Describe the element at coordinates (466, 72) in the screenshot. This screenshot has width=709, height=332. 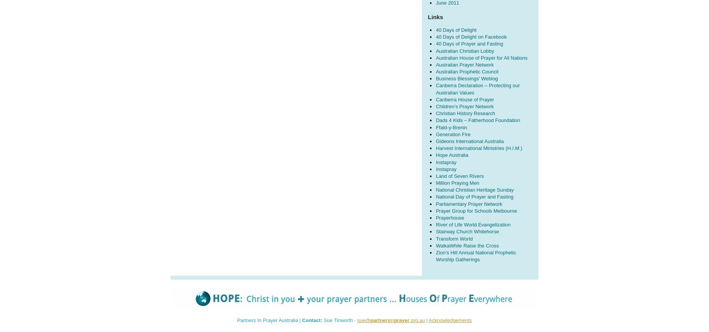
I see `'Australian Prophetic Council'` at that location.